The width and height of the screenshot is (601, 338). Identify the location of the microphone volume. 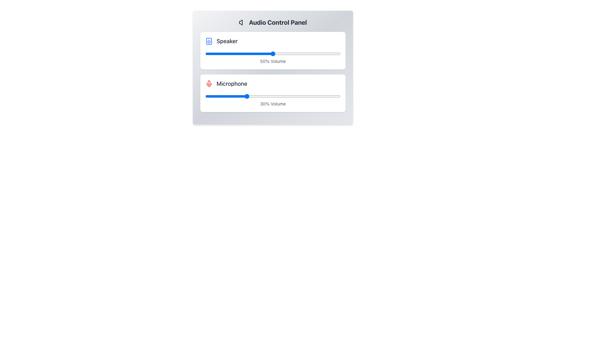
(233, 96).